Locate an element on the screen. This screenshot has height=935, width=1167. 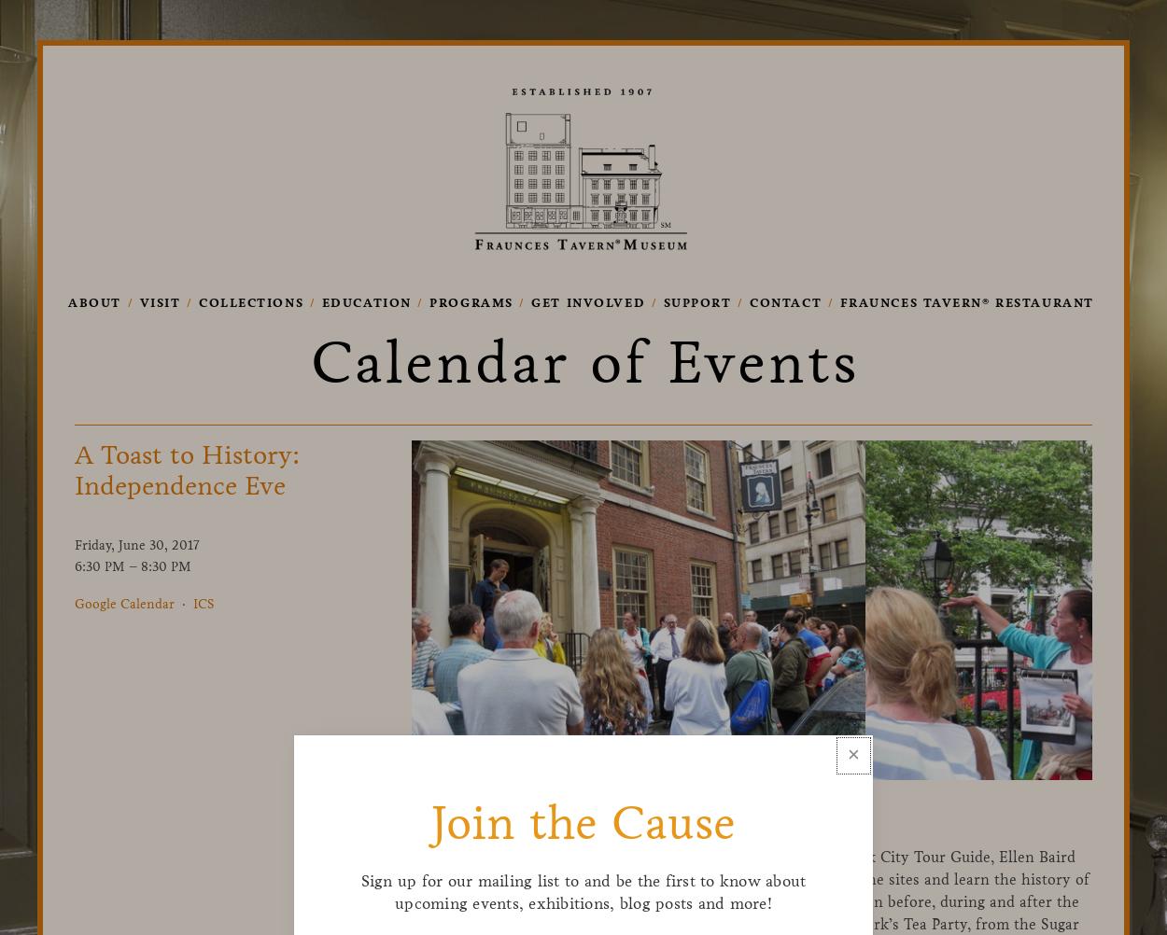
'About' is located at coordinates (93, 301).